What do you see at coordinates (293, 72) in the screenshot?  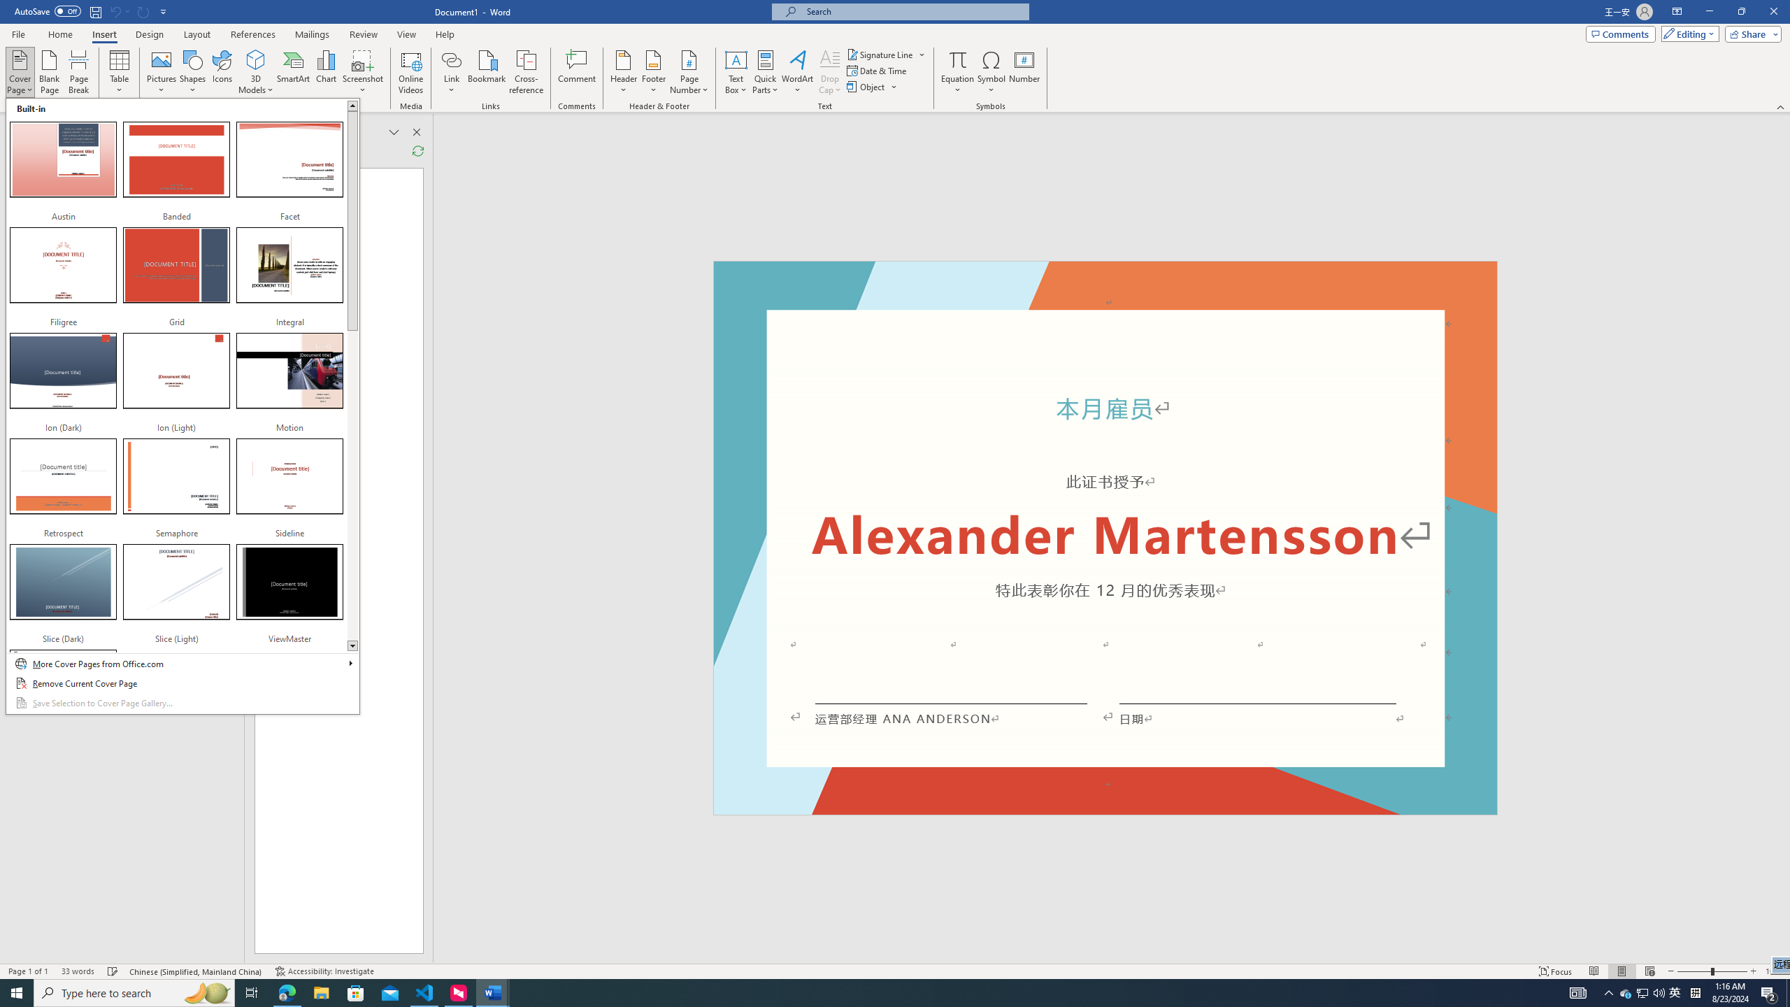 I see `'SmartArt...'` at bounding box center [293, 72].